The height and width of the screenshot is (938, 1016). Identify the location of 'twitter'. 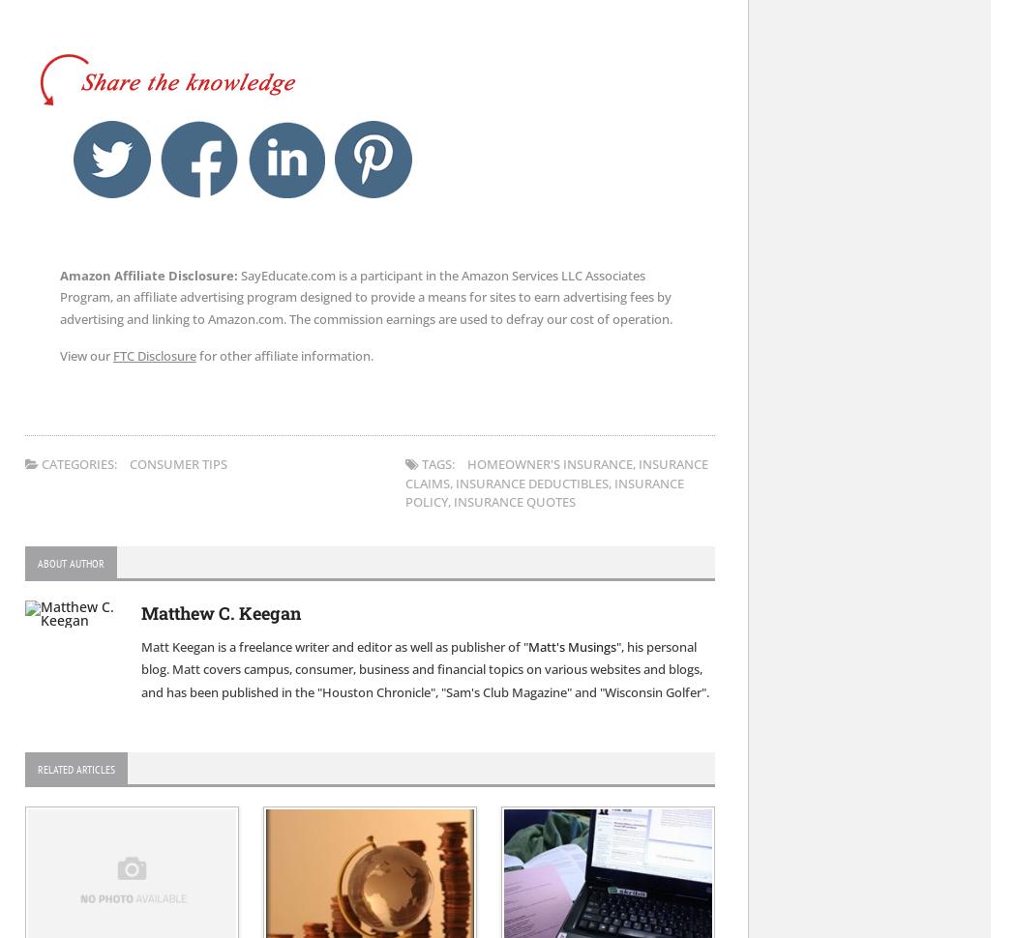
(171, 126).